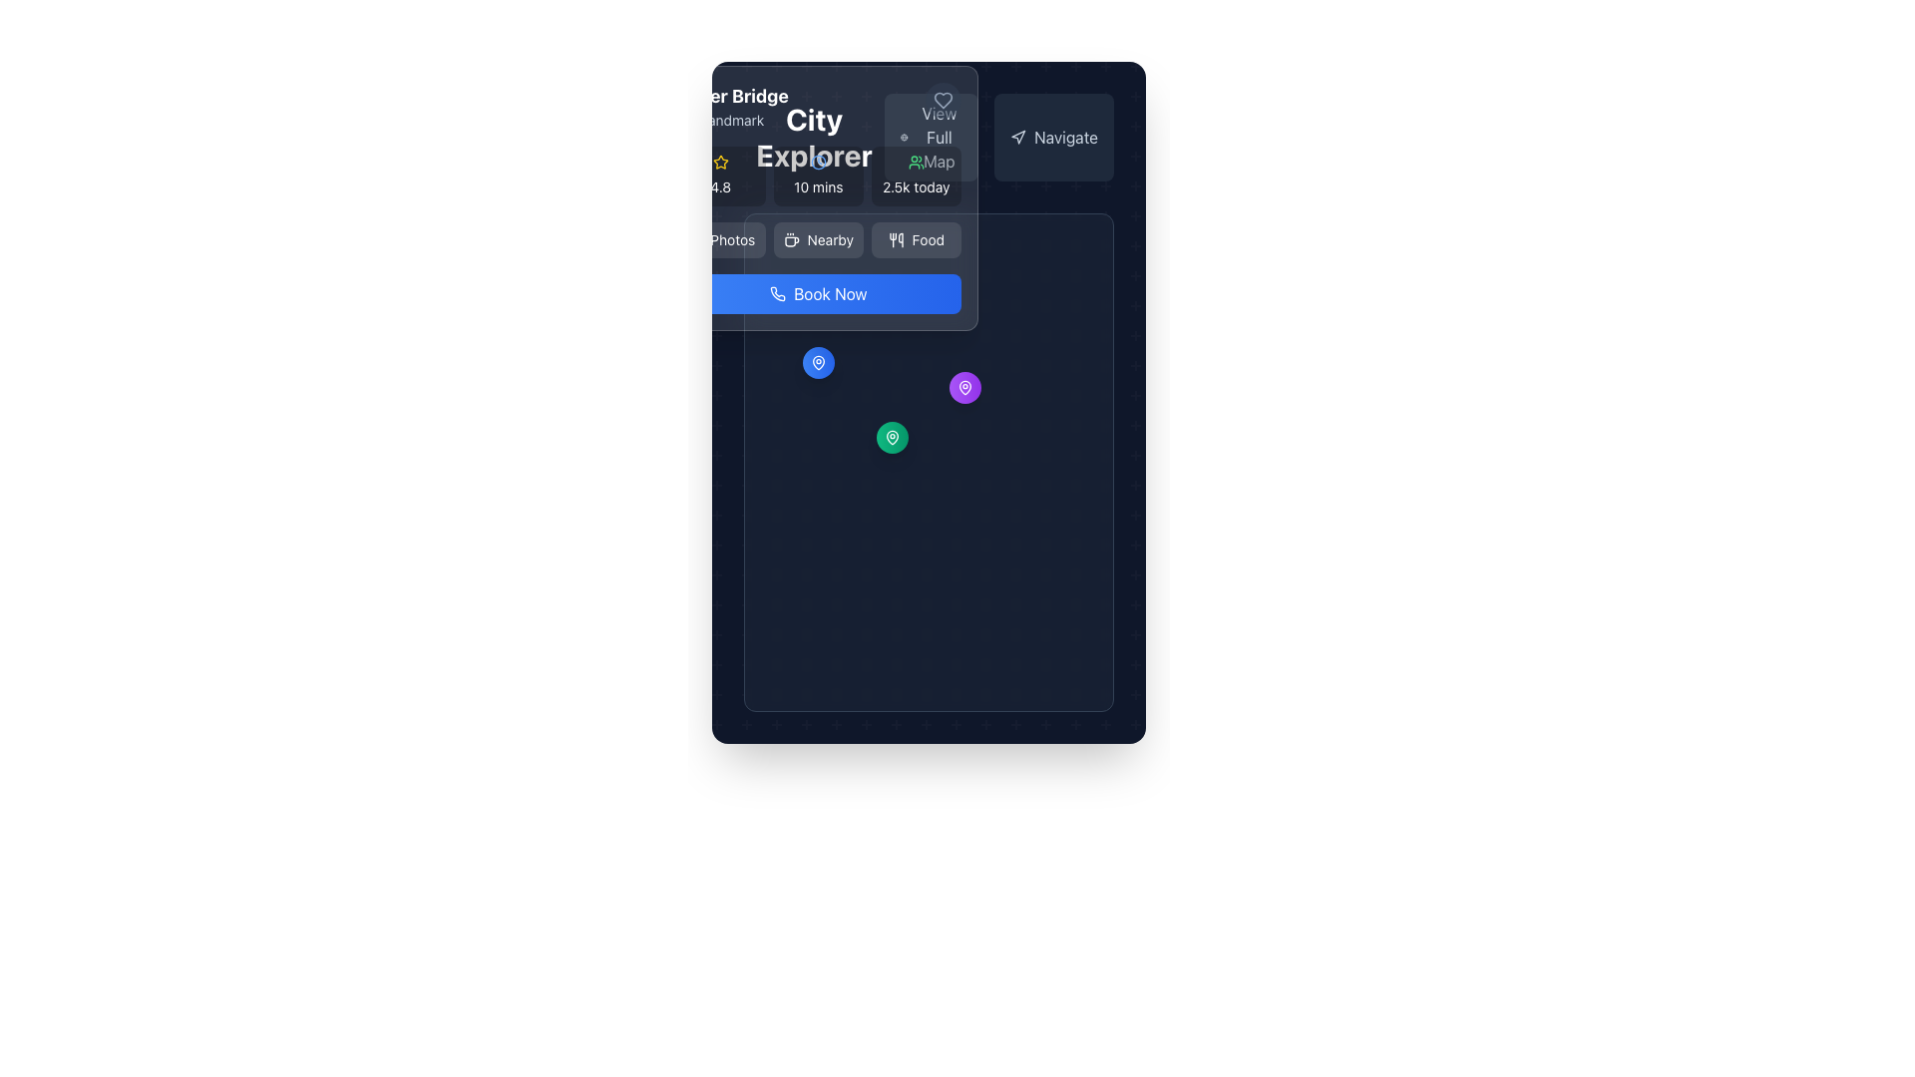 The width and height of the screenshot is (1915, 1077). I want to click on the marker icon located on a dark background, positioned to the right of a blue circular icon and above a green circular icon, so click(965, 388).